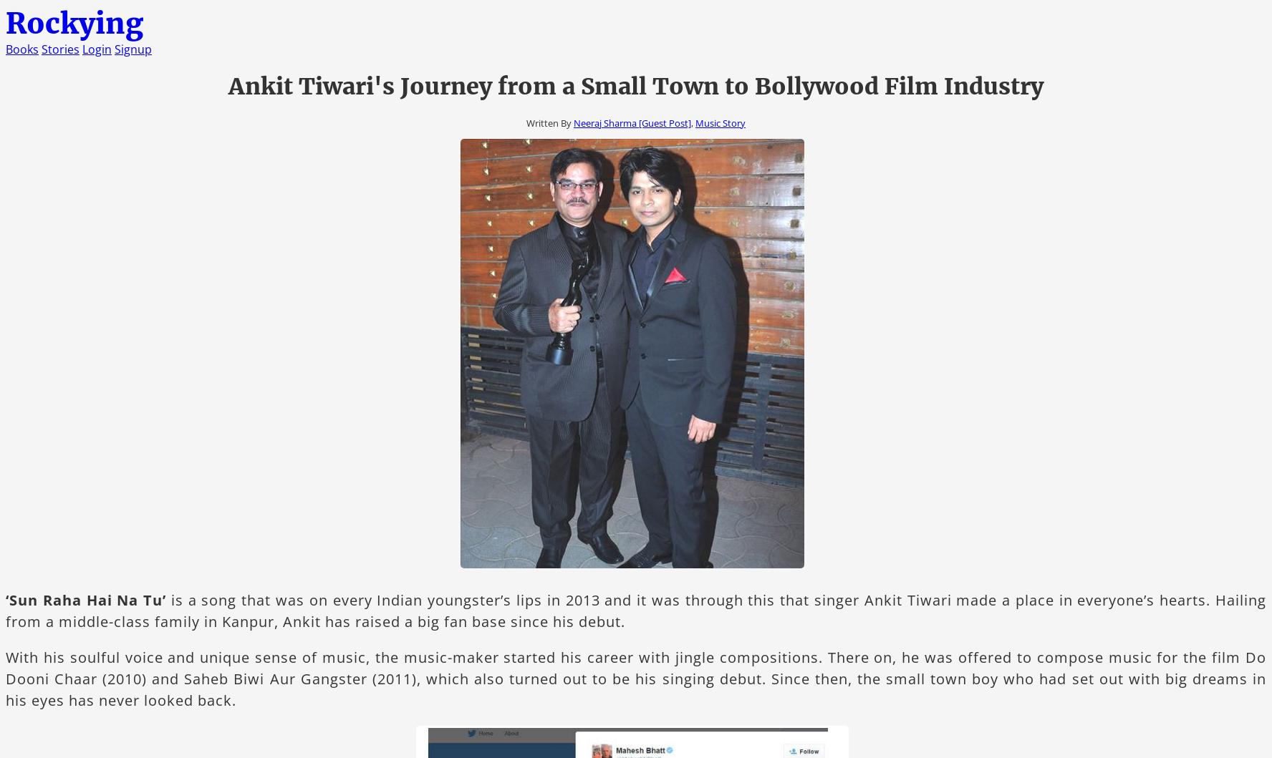 Image resolution: width=1272 pixels, height=758 pixels. Describe the element at coordinates (526, 122) in the screenshot. I see `'Written By'` at that location.